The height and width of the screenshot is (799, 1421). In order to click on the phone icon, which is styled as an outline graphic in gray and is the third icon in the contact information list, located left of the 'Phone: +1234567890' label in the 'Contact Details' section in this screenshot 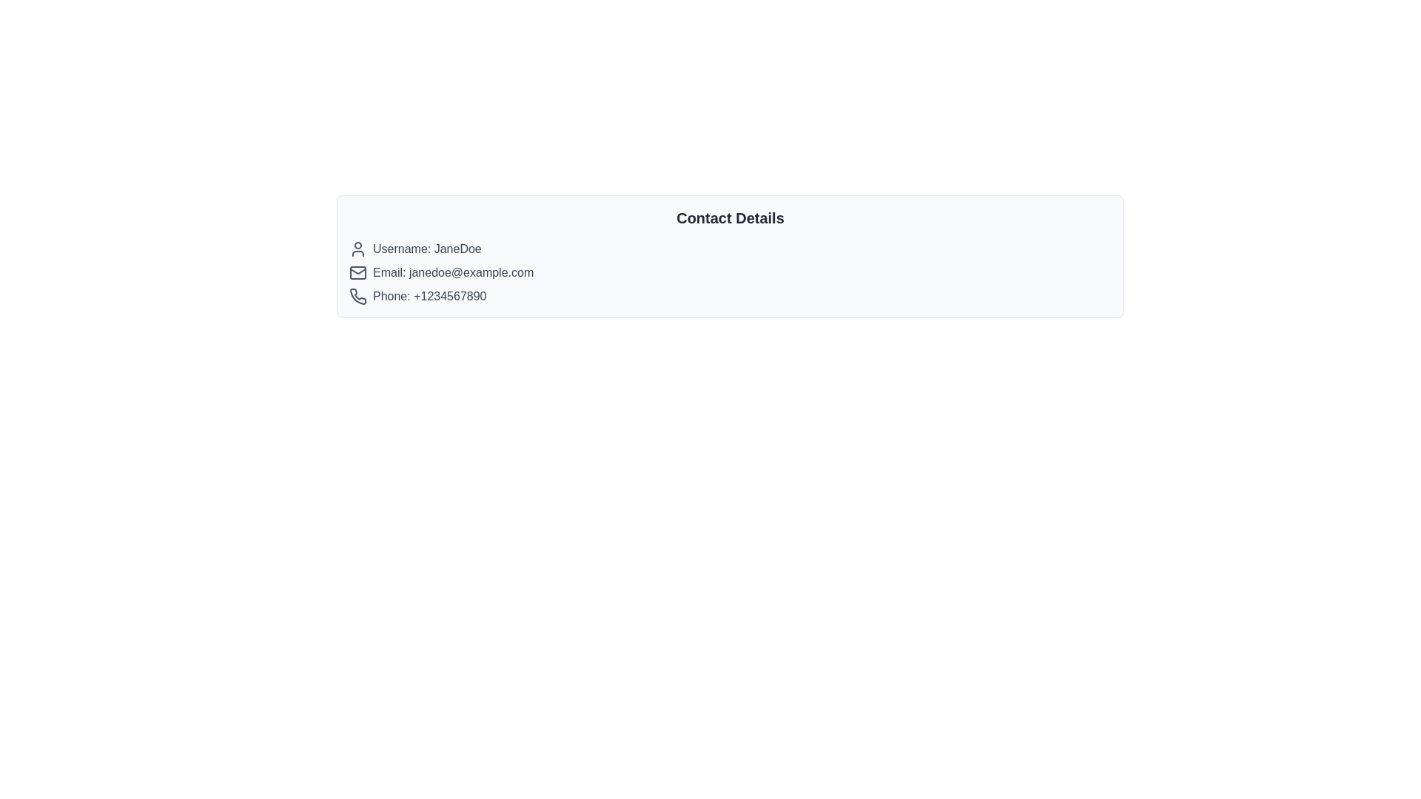, I will do `click(358, 297)`.